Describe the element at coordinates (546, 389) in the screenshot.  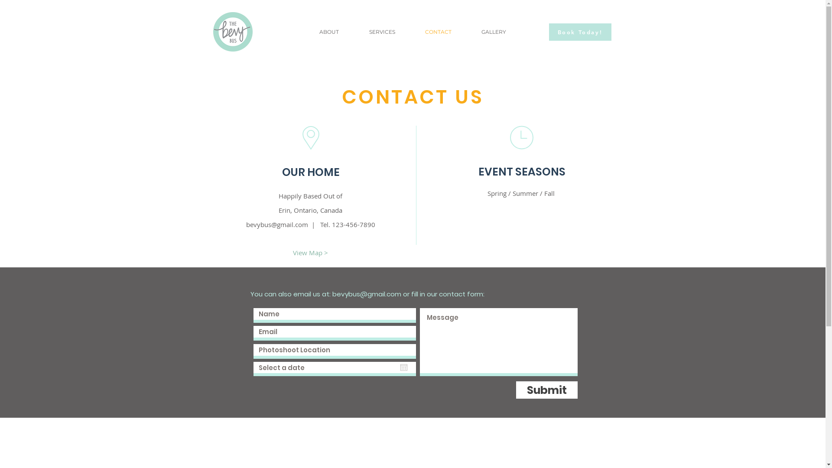
I see `'Submit'` at that location.